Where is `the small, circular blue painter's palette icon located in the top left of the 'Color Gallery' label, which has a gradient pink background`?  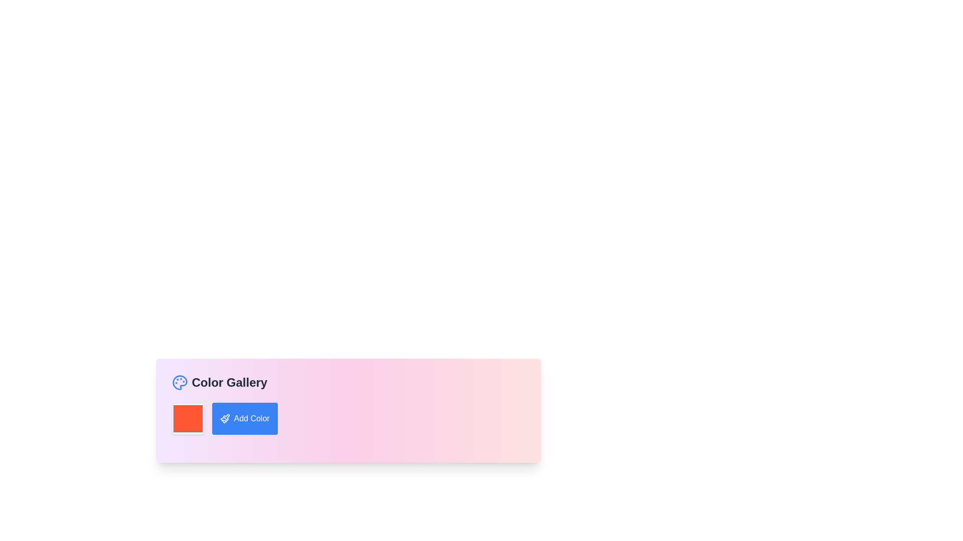
the small, circular blue painter's palette icon located in the top left of the 'Color Gallery' label, which has a gradient pink background is located at coordinates (180, 382).